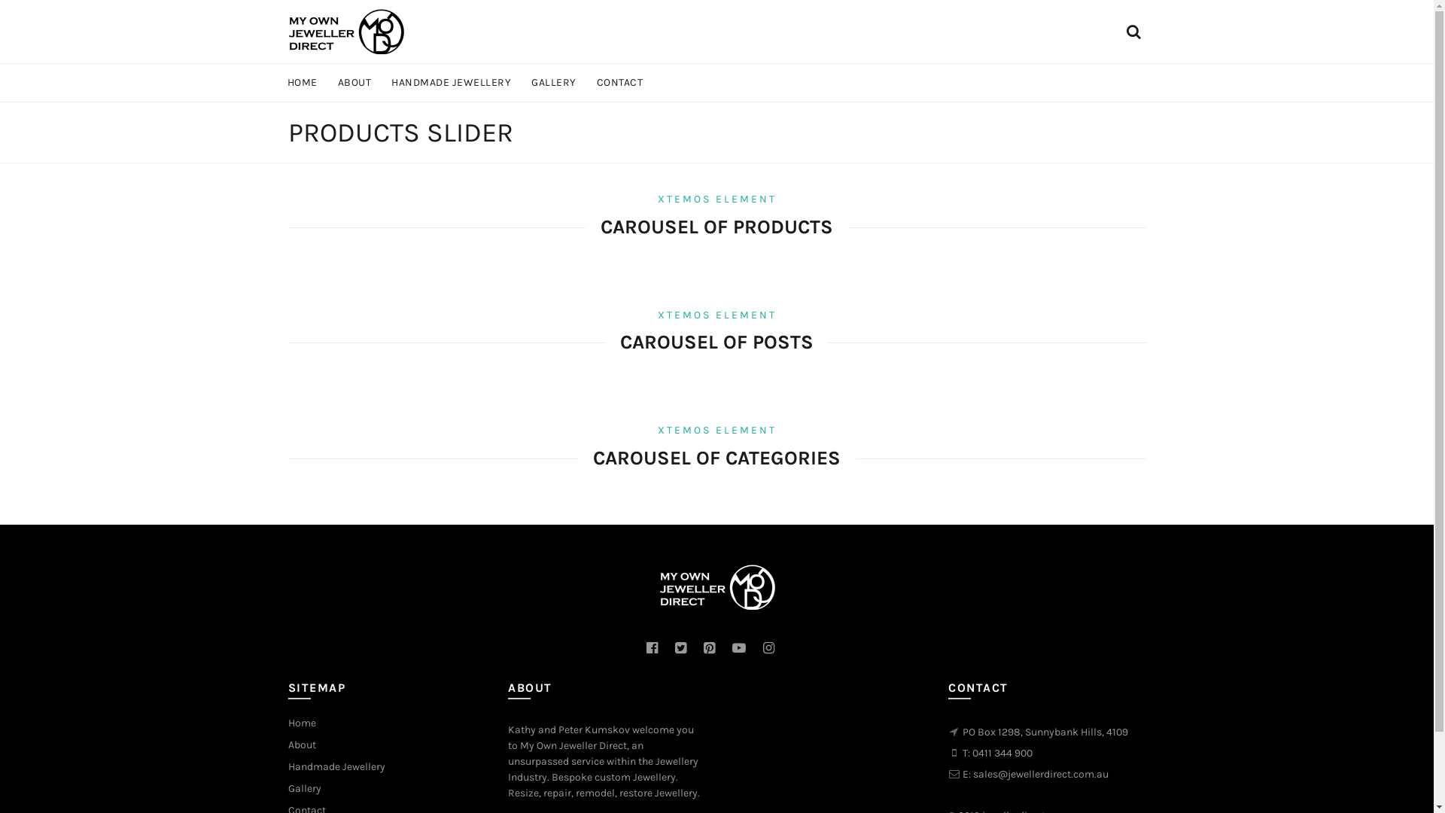  I want to click on 'HOME', so click(301, 83).